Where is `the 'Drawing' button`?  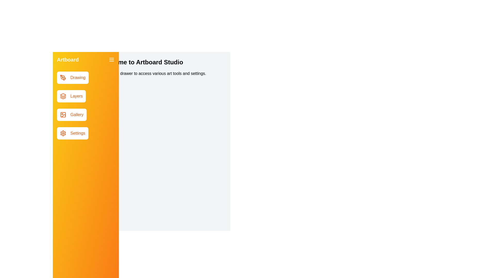
the 'Drawing' button is located at coordinates (72, 77).